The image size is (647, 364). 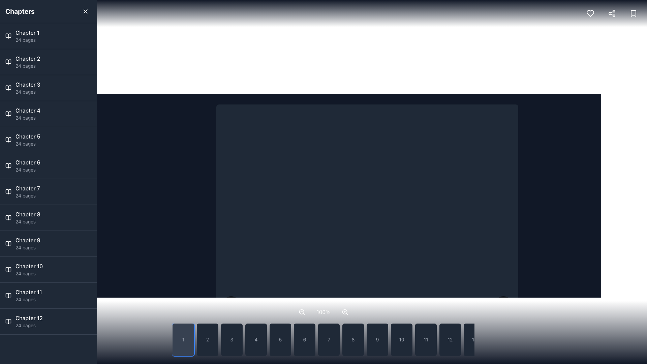 What do you see at coordinates (27, 217) in the screenshot?
I see `text block titled 'Chapter 8' with the subtitle '24 pages' which is aligned to the left and is the eighth entry in a scrollable list` at bounding box center [27, 217].